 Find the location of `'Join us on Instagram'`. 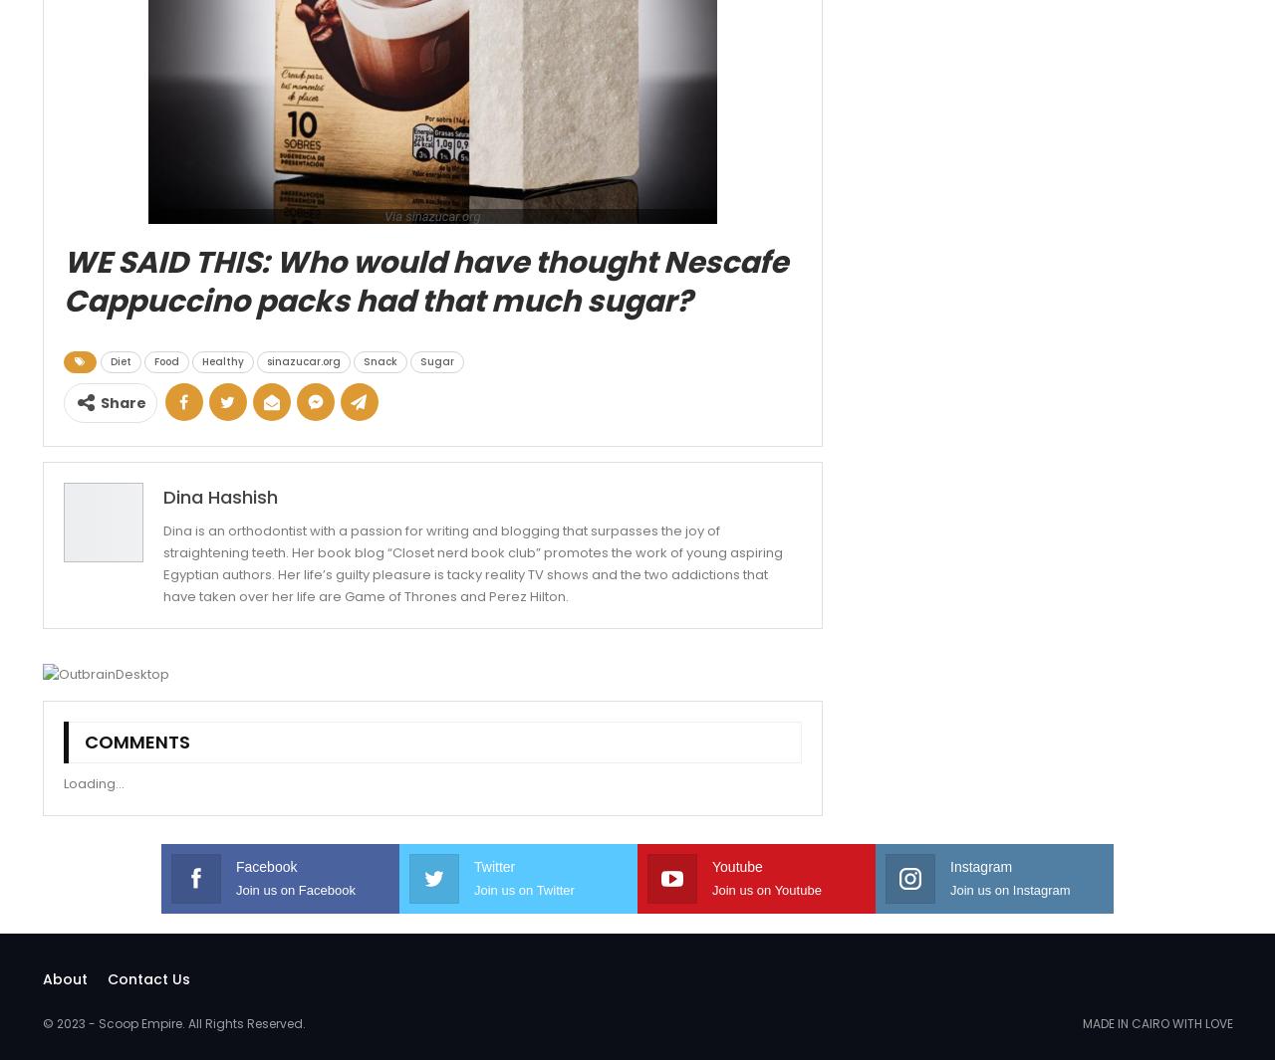

'Join us on Instagram' is located at coordinates (1010, 889).